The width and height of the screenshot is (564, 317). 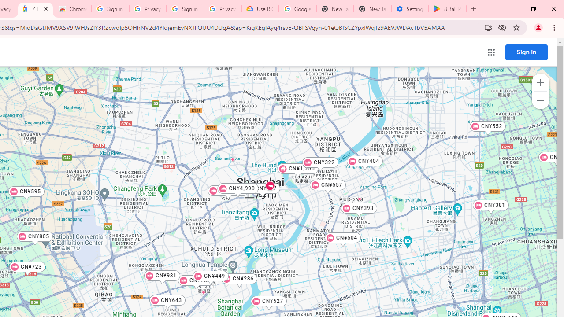 What do you see at coordinates (409, 9) in the screenshot?
I see `'Settings - System'` at bounding box center [409, 9].